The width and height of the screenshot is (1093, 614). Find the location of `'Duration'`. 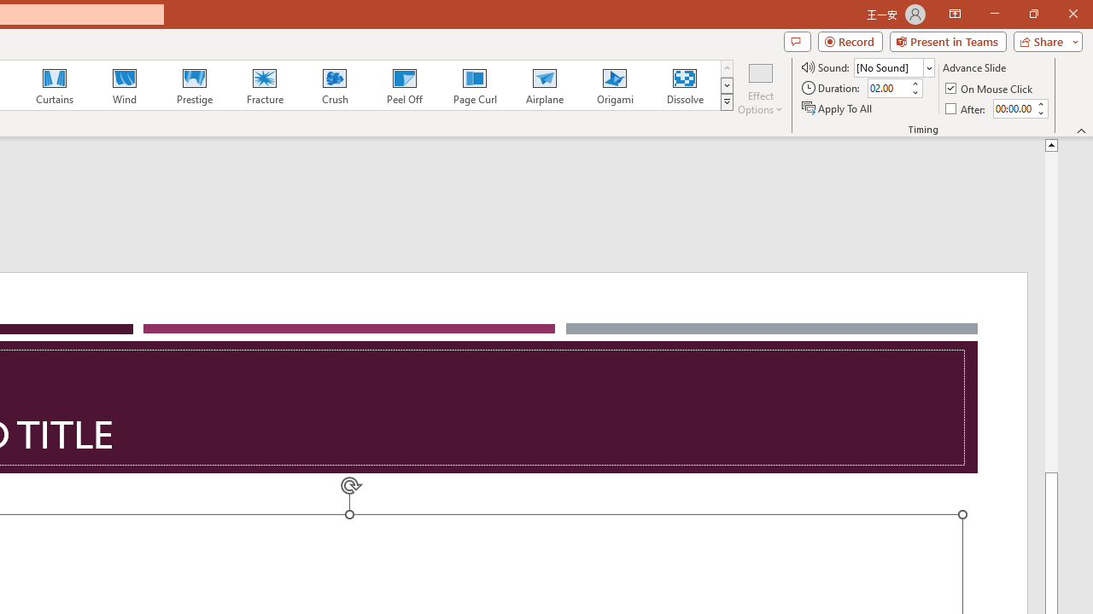

'Duration' is located at coordinates (888, 88).